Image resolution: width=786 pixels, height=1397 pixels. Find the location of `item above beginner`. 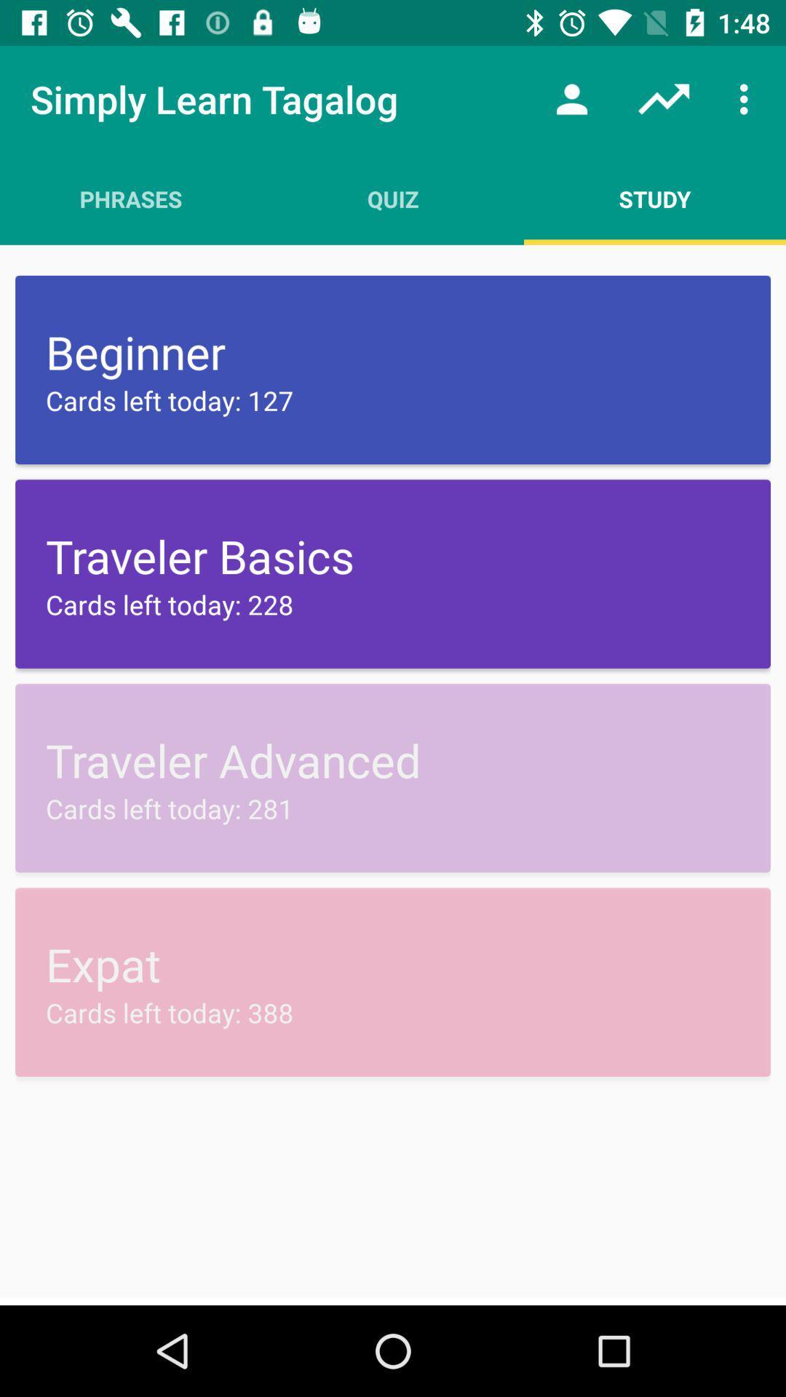

item above beginner is located at coordinates (654, 198).